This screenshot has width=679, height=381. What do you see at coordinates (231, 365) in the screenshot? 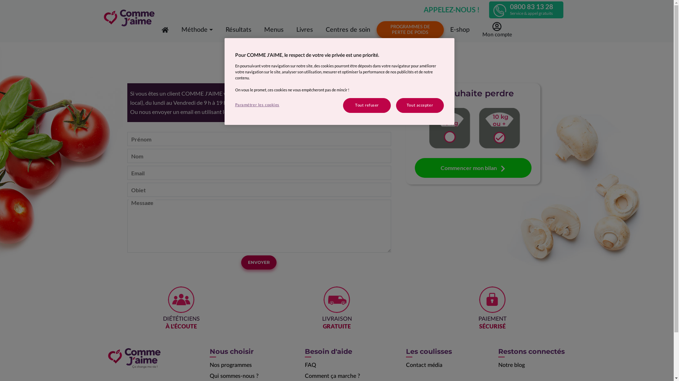
I see `'Nos programmes'` at bounding box center [231, 365].